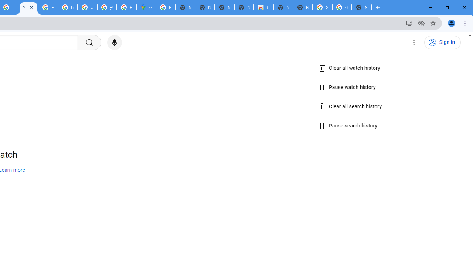  Describe the element at coordinates (350, 68) in the screenshot. I see `'Clear all watch history'` at that location.